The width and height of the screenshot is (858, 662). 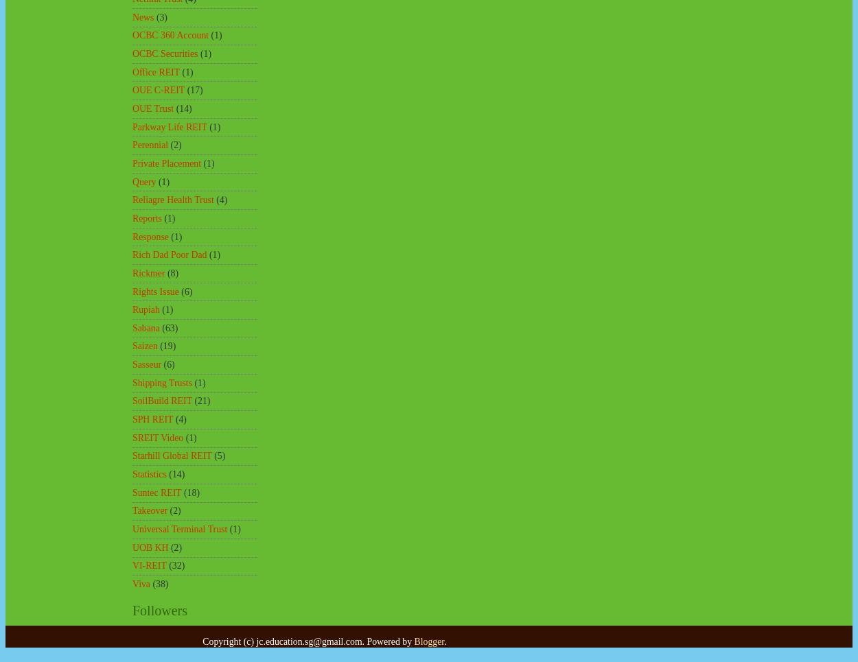 I want to click on '(3)', so click(x=161, y=16).